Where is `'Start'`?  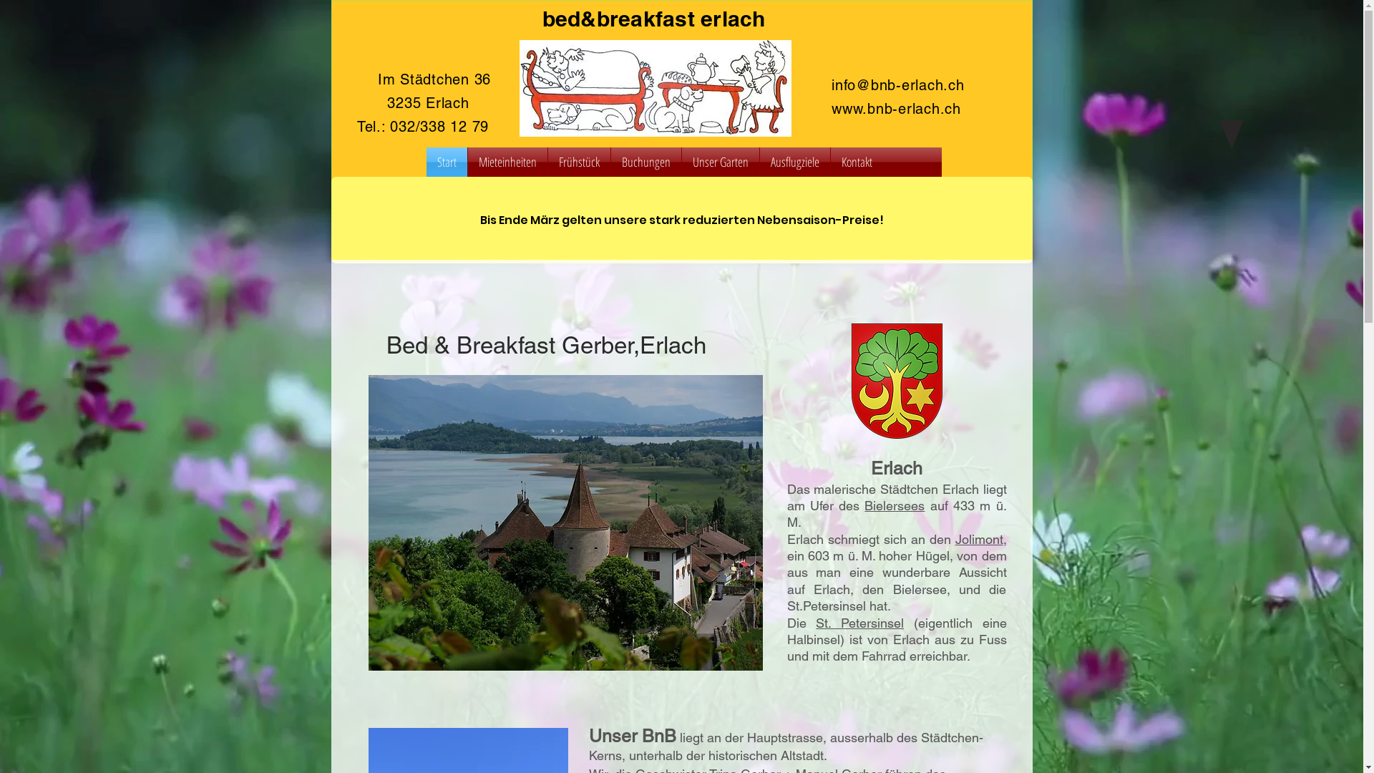 'Start' is located at coordinates (446, 161).